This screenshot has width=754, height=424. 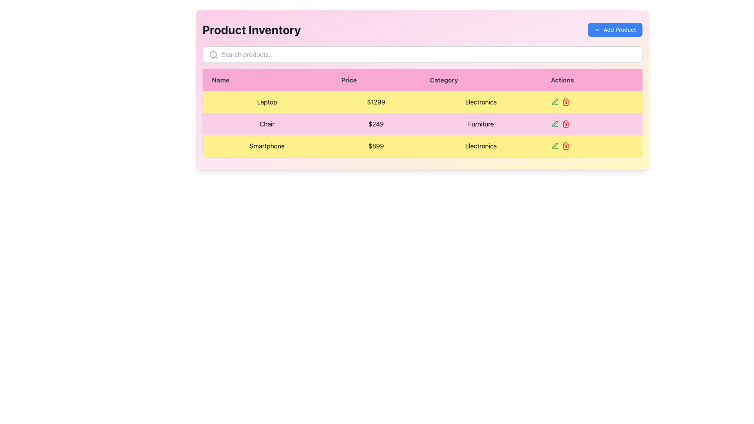 What do you see at coordinates (375, 124) in the screenshot?
I see `the static text displaying the price '$249' in black font on a pink background, located in the second column under the 'Price' header` at bounding box center [375, 124].